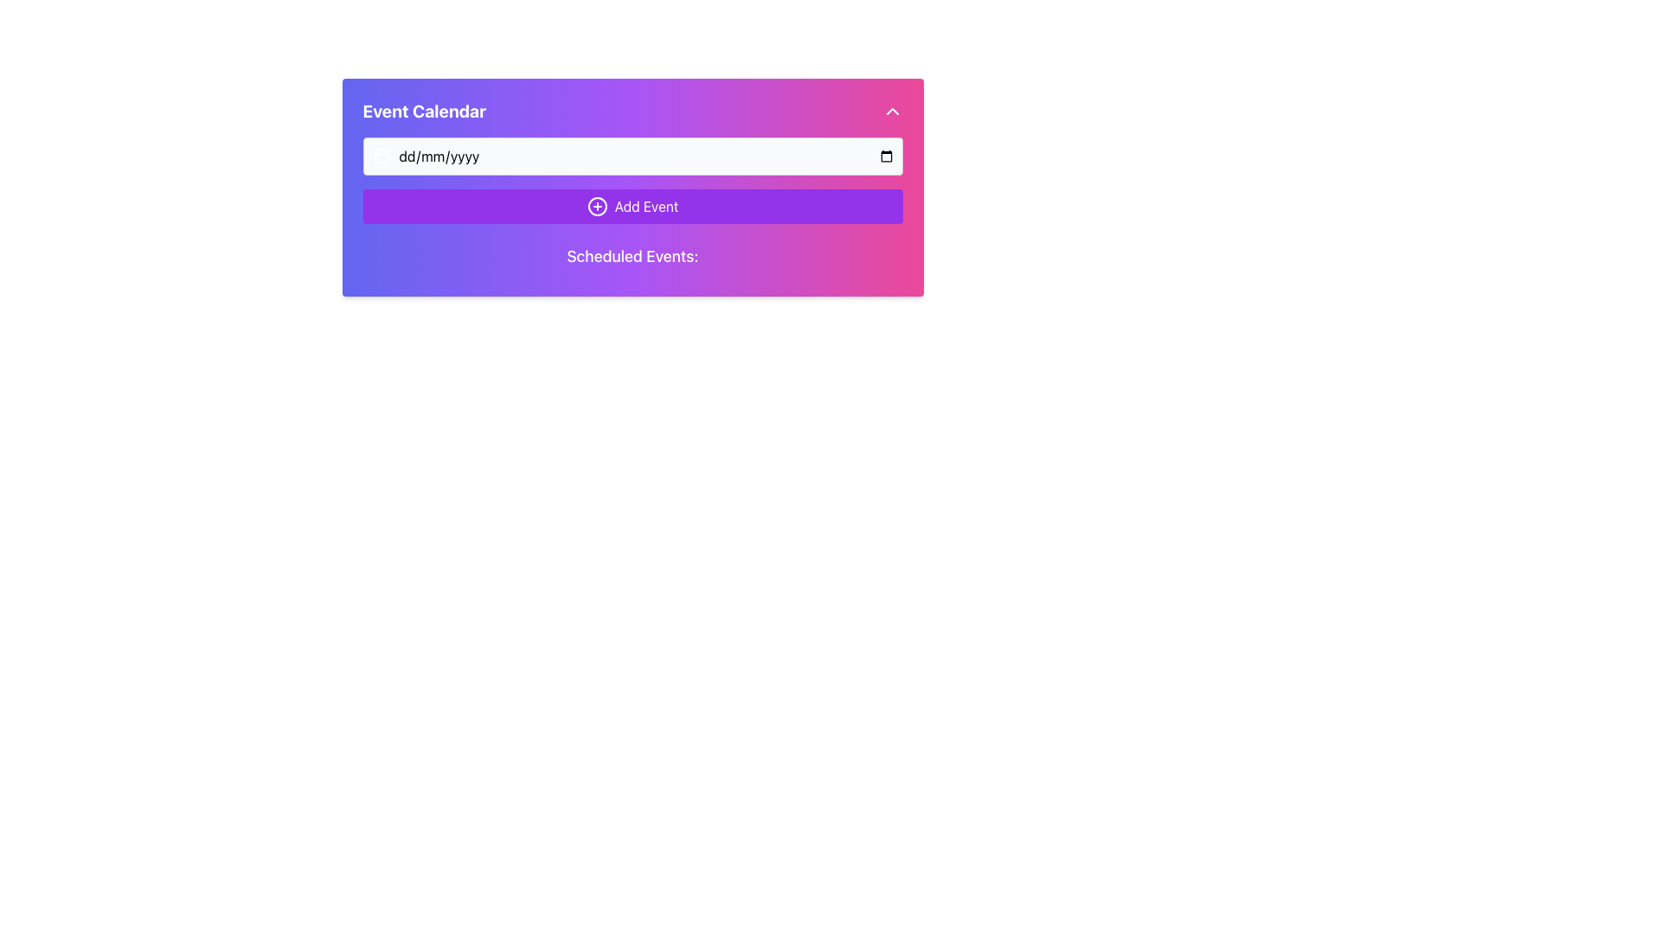 The height and width of the screenshot is (934, 1661). What do you see at coordinates (892, 111) in the screenshot?
I see `the button located at the top-right corner of the 'Event Calendar' section` at bounding box center [892, 111].